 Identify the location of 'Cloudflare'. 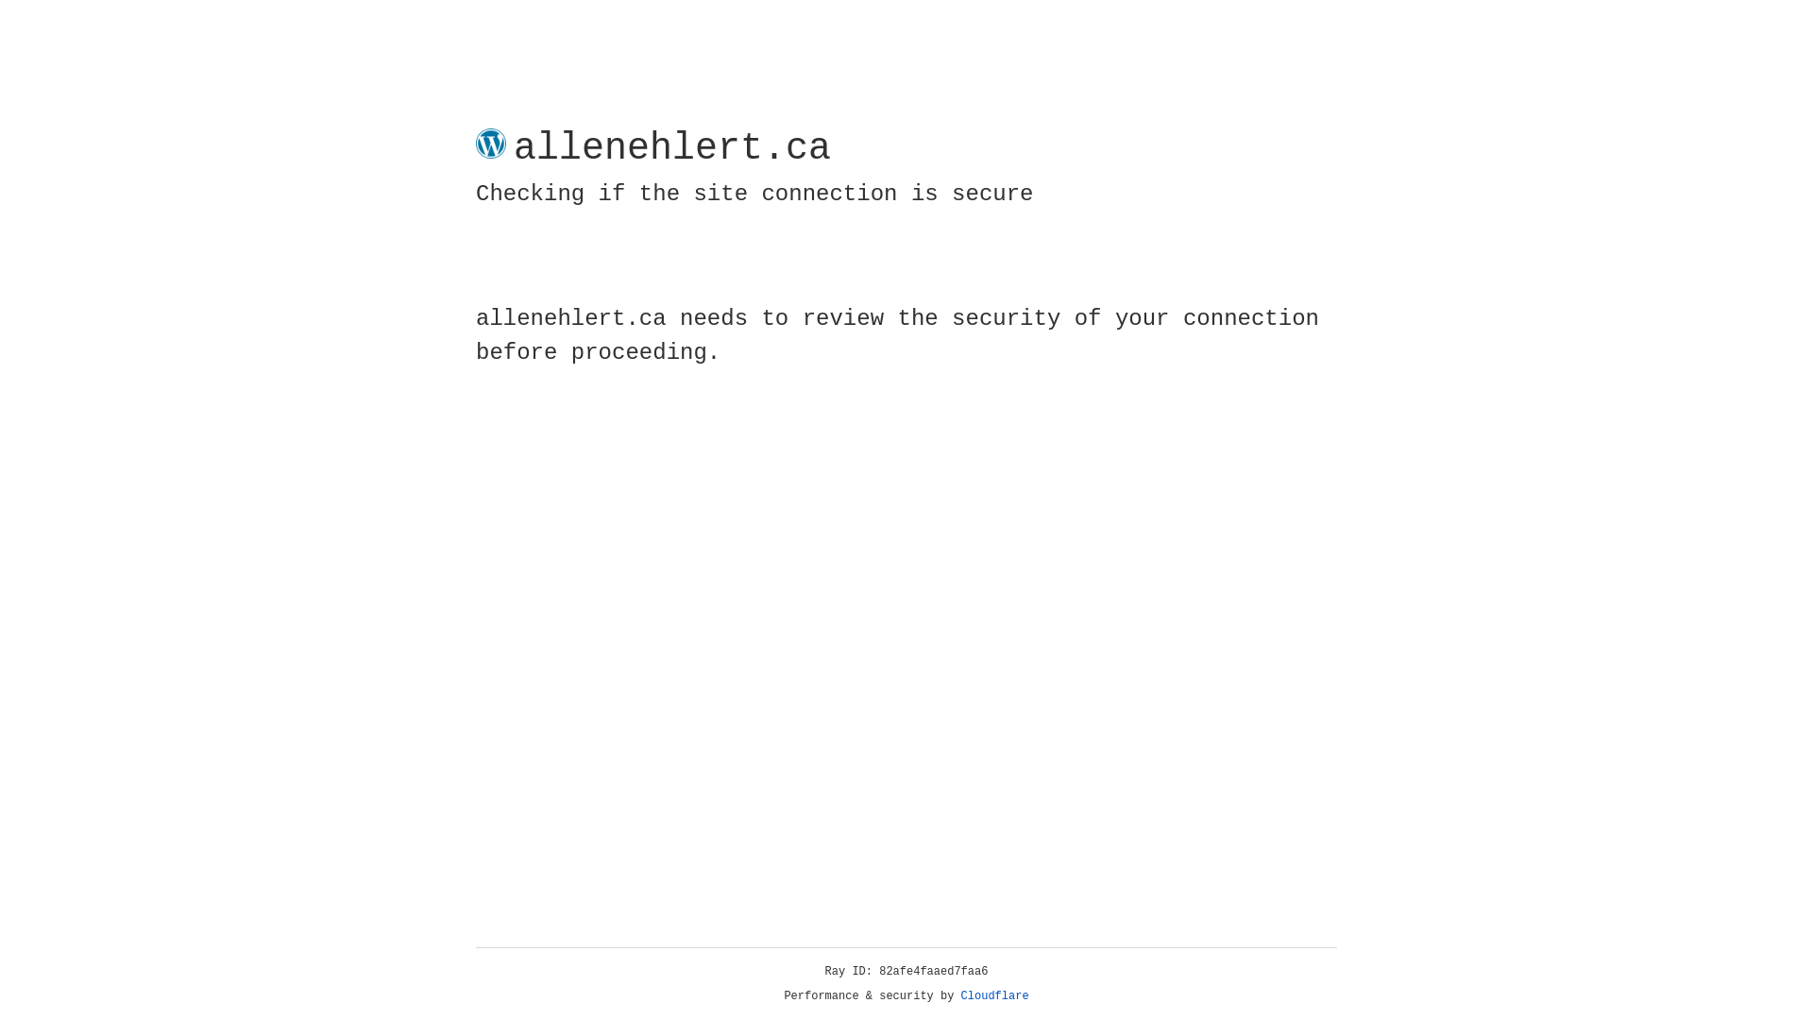
(960, 995).